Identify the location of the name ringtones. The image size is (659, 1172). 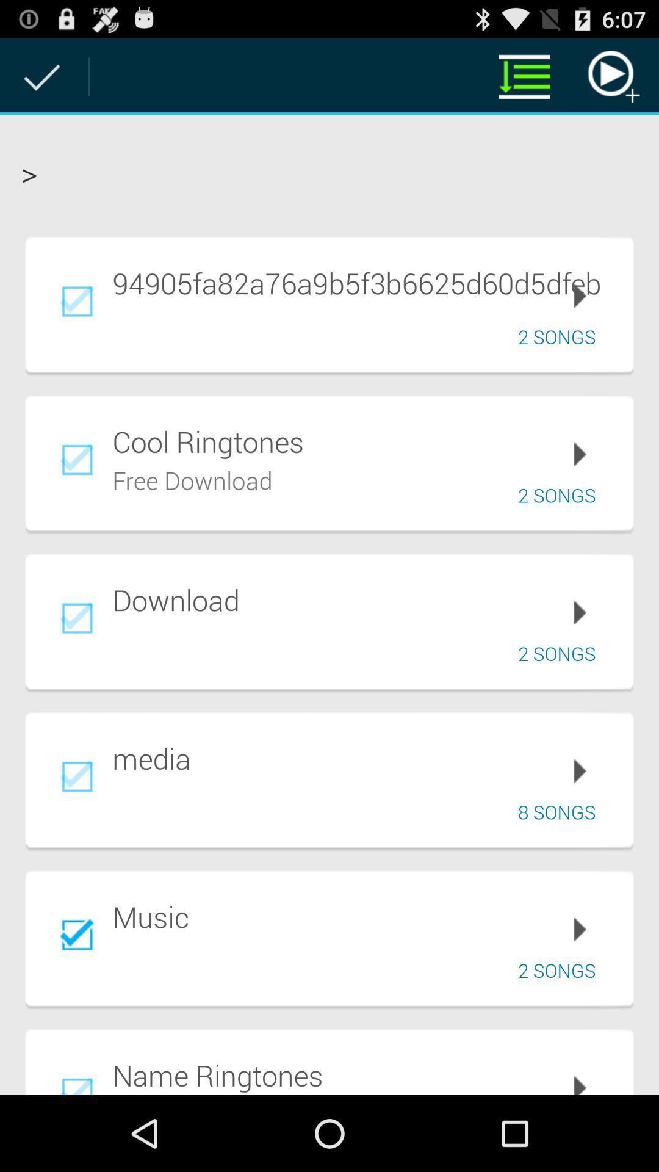
(364, 1075).